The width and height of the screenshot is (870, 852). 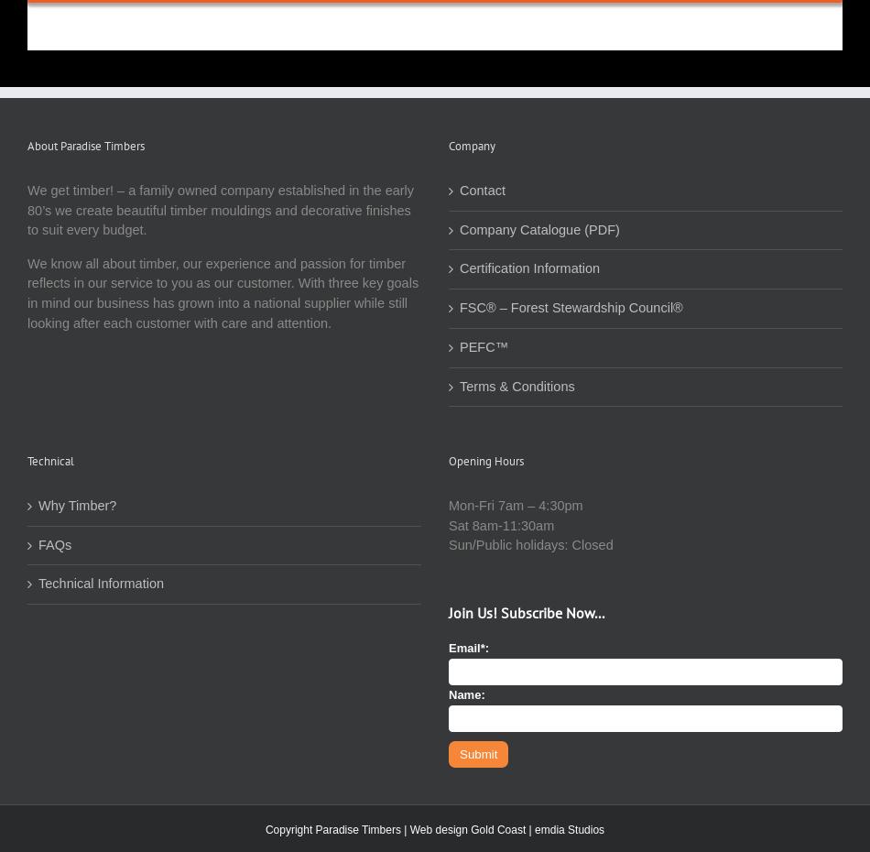 I want to click on 'Mon-Fri 7am – 4:30pm', so click(x=515, y=505).